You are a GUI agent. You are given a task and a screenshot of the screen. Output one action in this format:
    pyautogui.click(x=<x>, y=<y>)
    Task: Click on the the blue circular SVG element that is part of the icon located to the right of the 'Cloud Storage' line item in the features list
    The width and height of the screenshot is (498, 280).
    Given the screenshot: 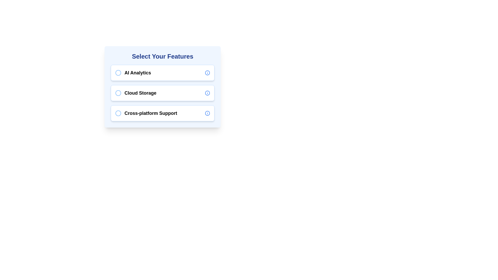 What is the action you would take?
    pyautogui.click(x=208, y=93)
    